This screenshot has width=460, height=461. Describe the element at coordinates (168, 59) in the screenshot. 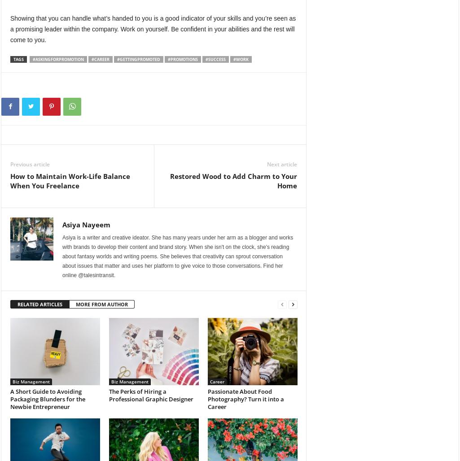

I see `'#PROMOTIONS'` at that location.